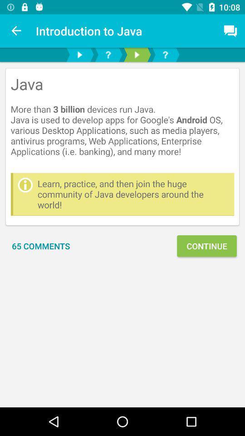 The width and height of the screenshot is (245, 436). I want to click on continue item, so click(206, 246).